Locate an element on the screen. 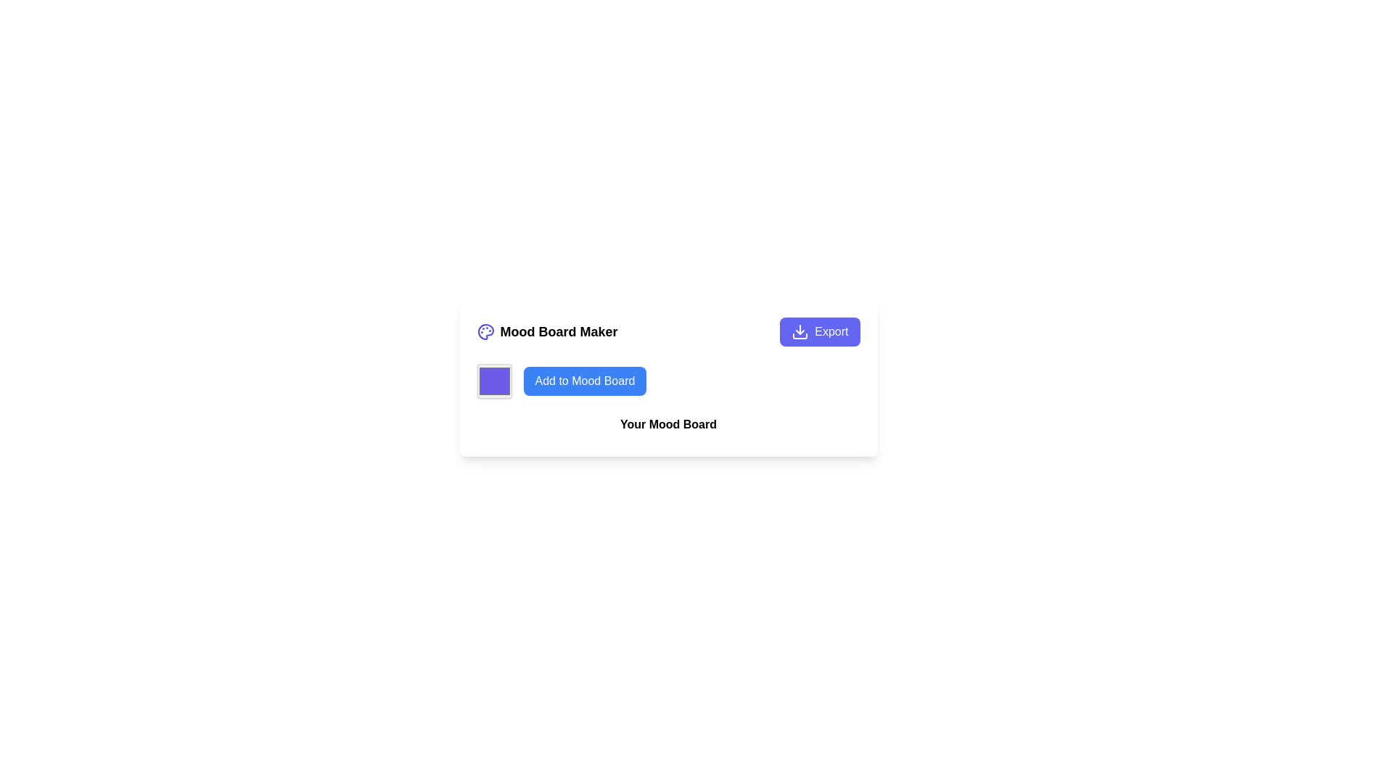 The height and width of the screenshot is (783, 1393). the download icon, which is a white arrow pointing downwards into an open rectangle, located at the top-right corner of the Export button is located at coordinates (800, 332).